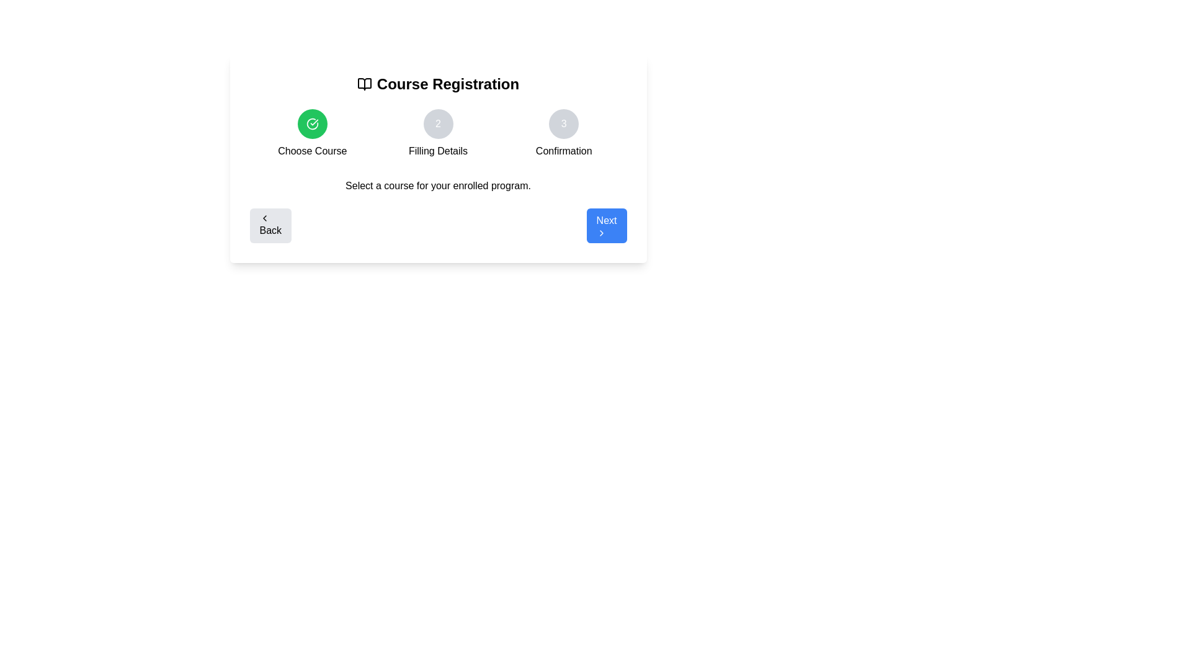 This screenshot has width=1191, height=670. What do you see at coordinates (264, 217) in the screenshot?
I see `the 'Back' button that contains the leftward navigation arrow icon, located at the bottom-left corner of the card interface` at bounding box center [264, 217].